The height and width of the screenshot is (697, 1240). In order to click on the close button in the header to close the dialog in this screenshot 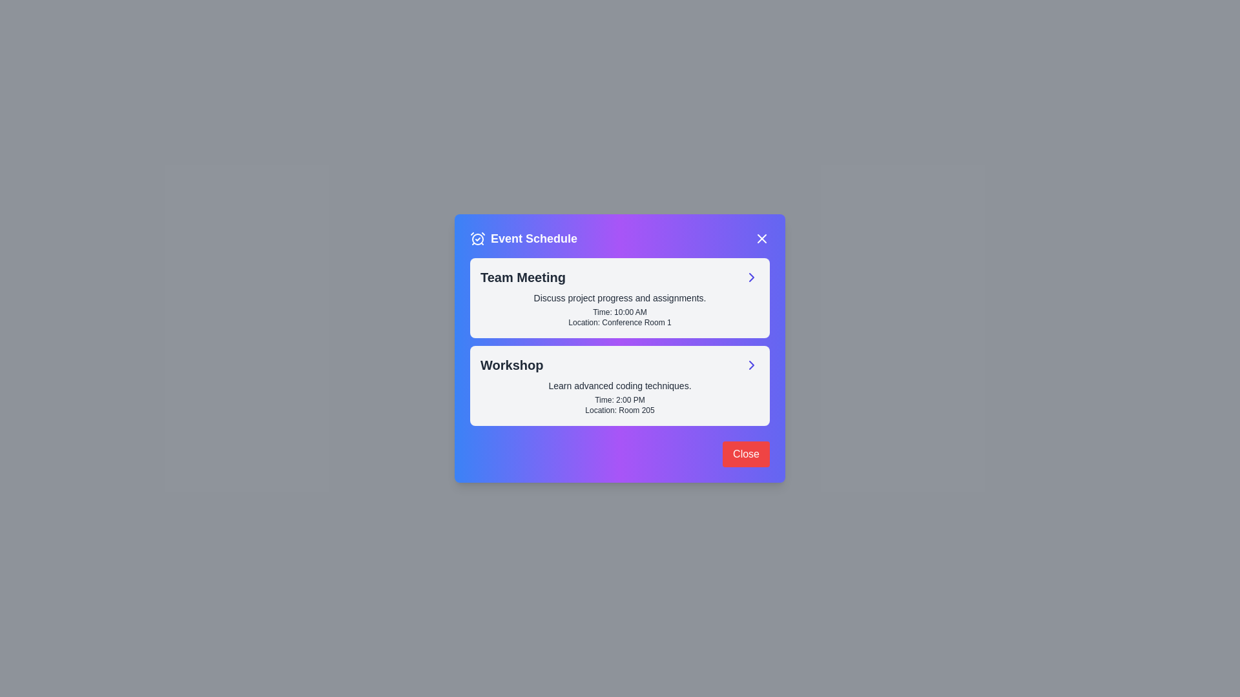, I will do `click(762, 239)`.